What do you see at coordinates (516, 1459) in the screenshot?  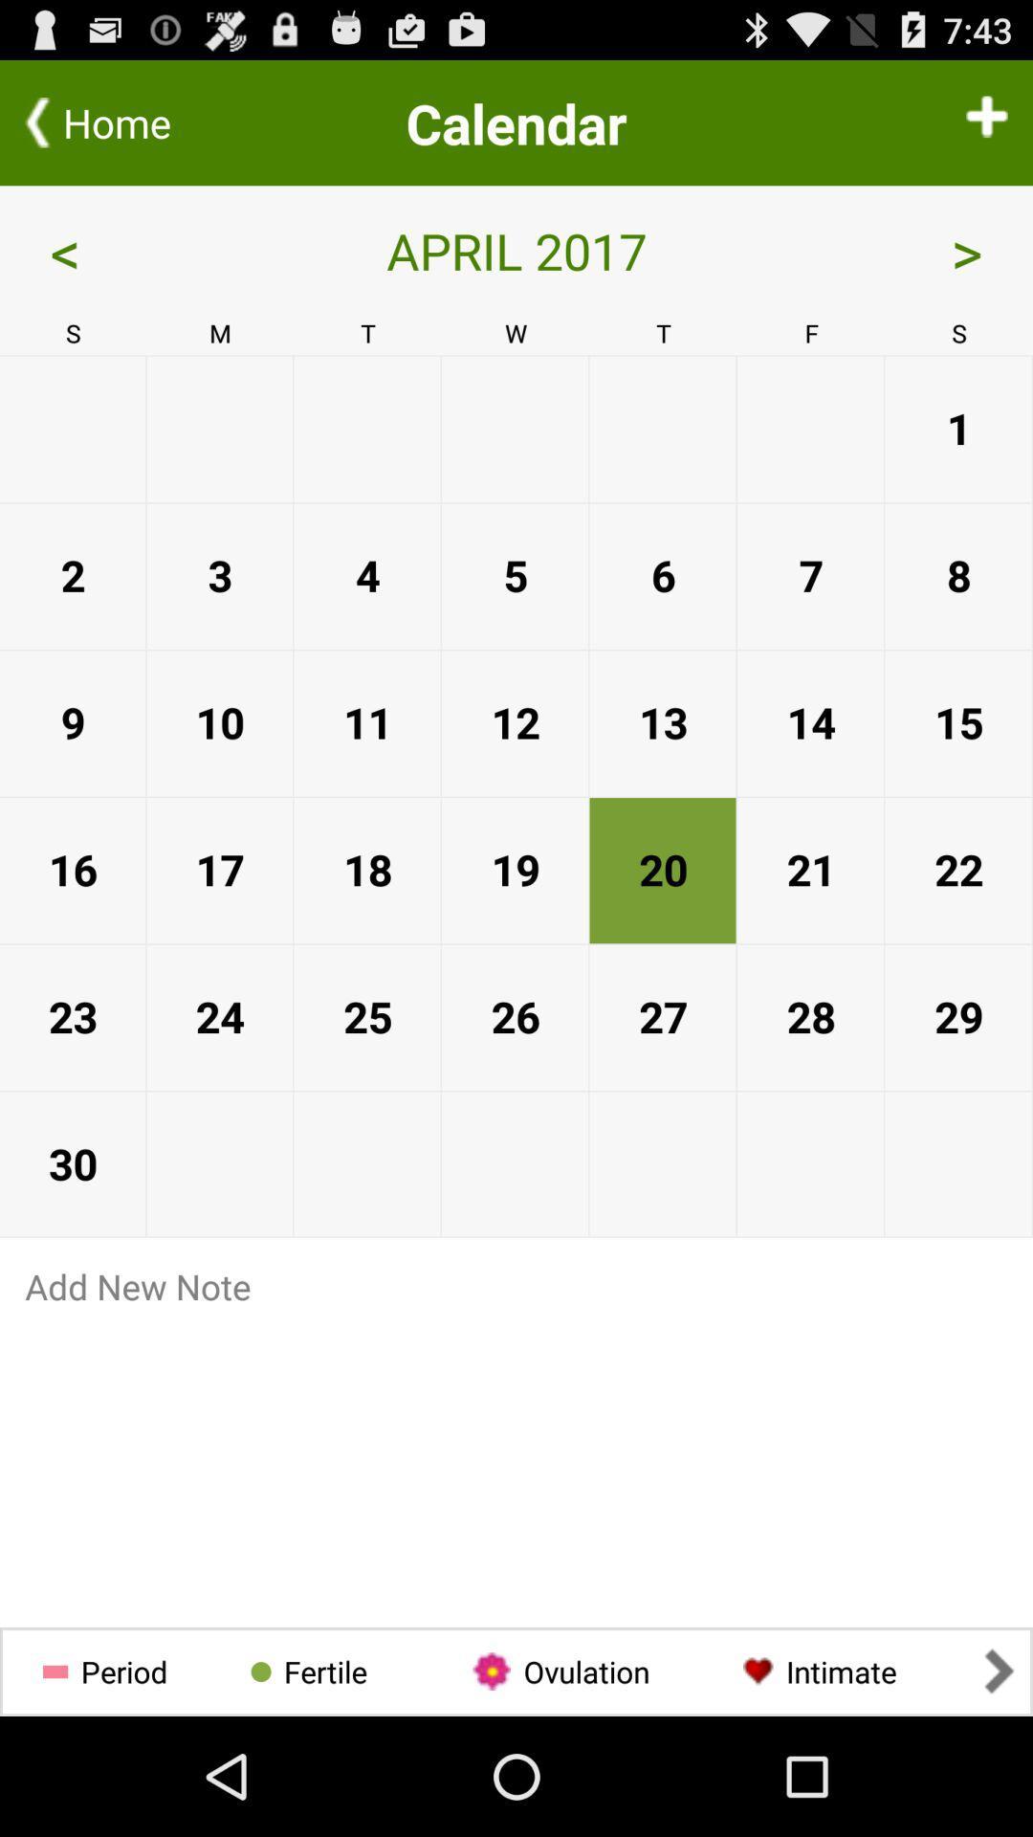 I see `calender note area` at bounding box center [516, 1459].